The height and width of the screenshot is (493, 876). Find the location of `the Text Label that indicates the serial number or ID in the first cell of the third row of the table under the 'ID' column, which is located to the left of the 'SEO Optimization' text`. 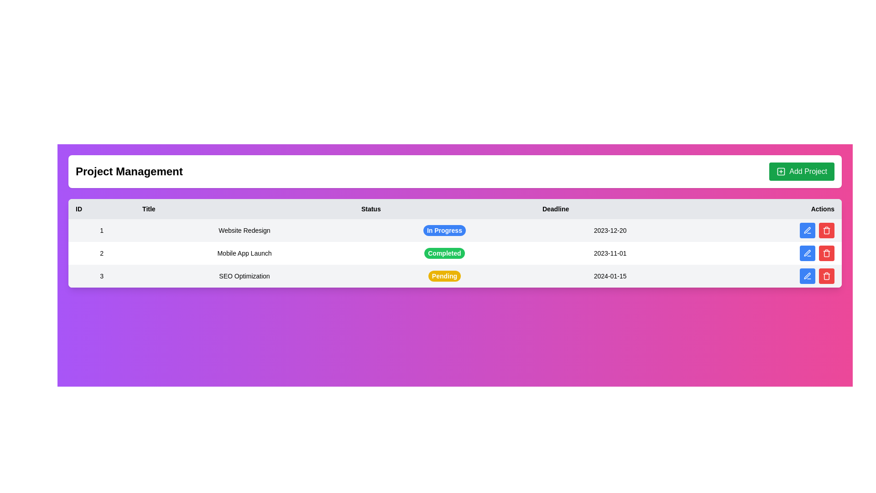

the Text Label that indicates the serial number or ID in the first cell of the third row of the table under the 'ID' column, which is located to the left of the 'SEO Optimization' text is located at coordinates (102, 276).